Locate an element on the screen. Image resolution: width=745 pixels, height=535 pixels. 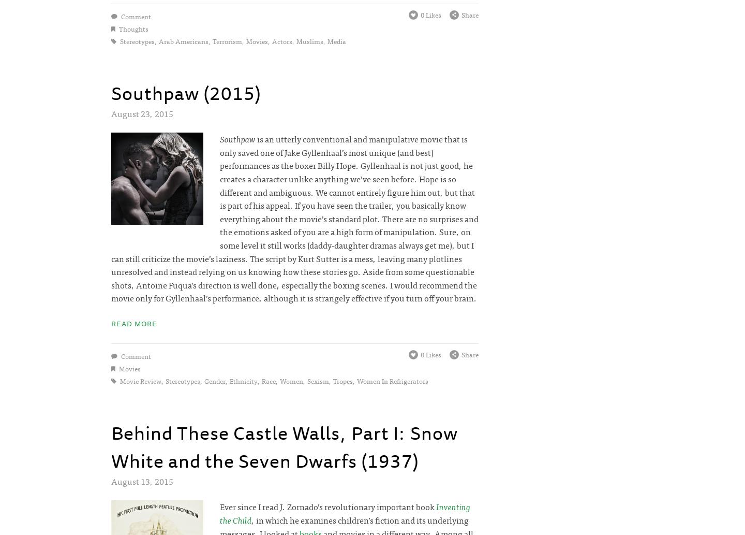
'media' is located at coordinates (336, 41).